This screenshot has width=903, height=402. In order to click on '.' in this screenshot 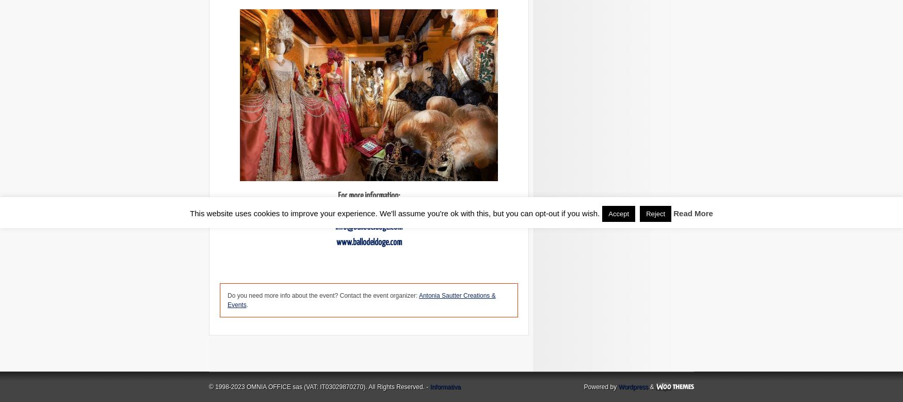, I will do `click(247, 304)`.